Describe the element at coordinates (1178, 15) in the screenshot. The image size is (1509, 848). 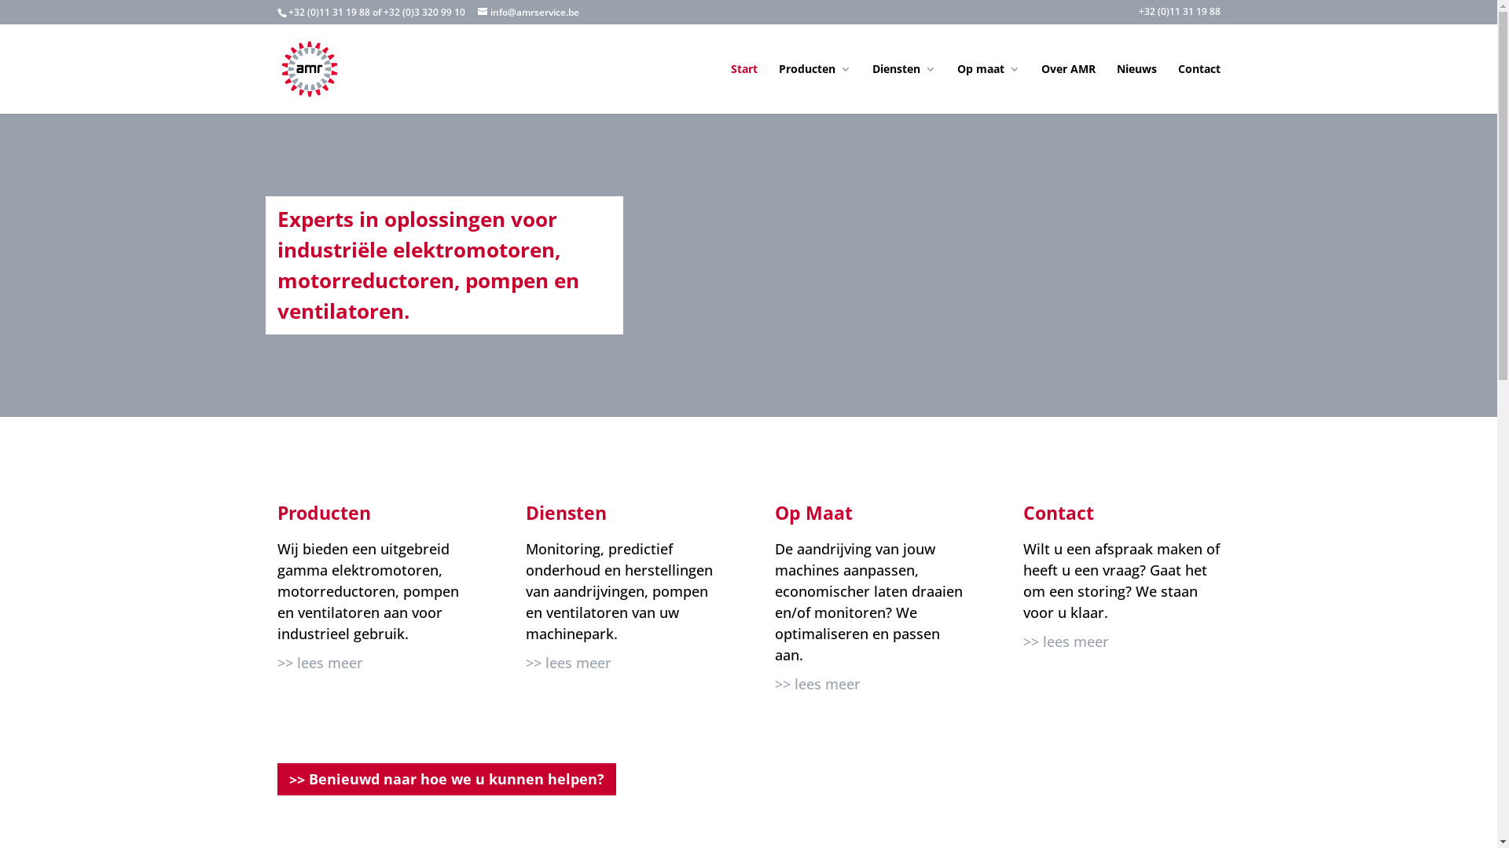
I see `'+32 (0)11 31 19 88'` at that location.